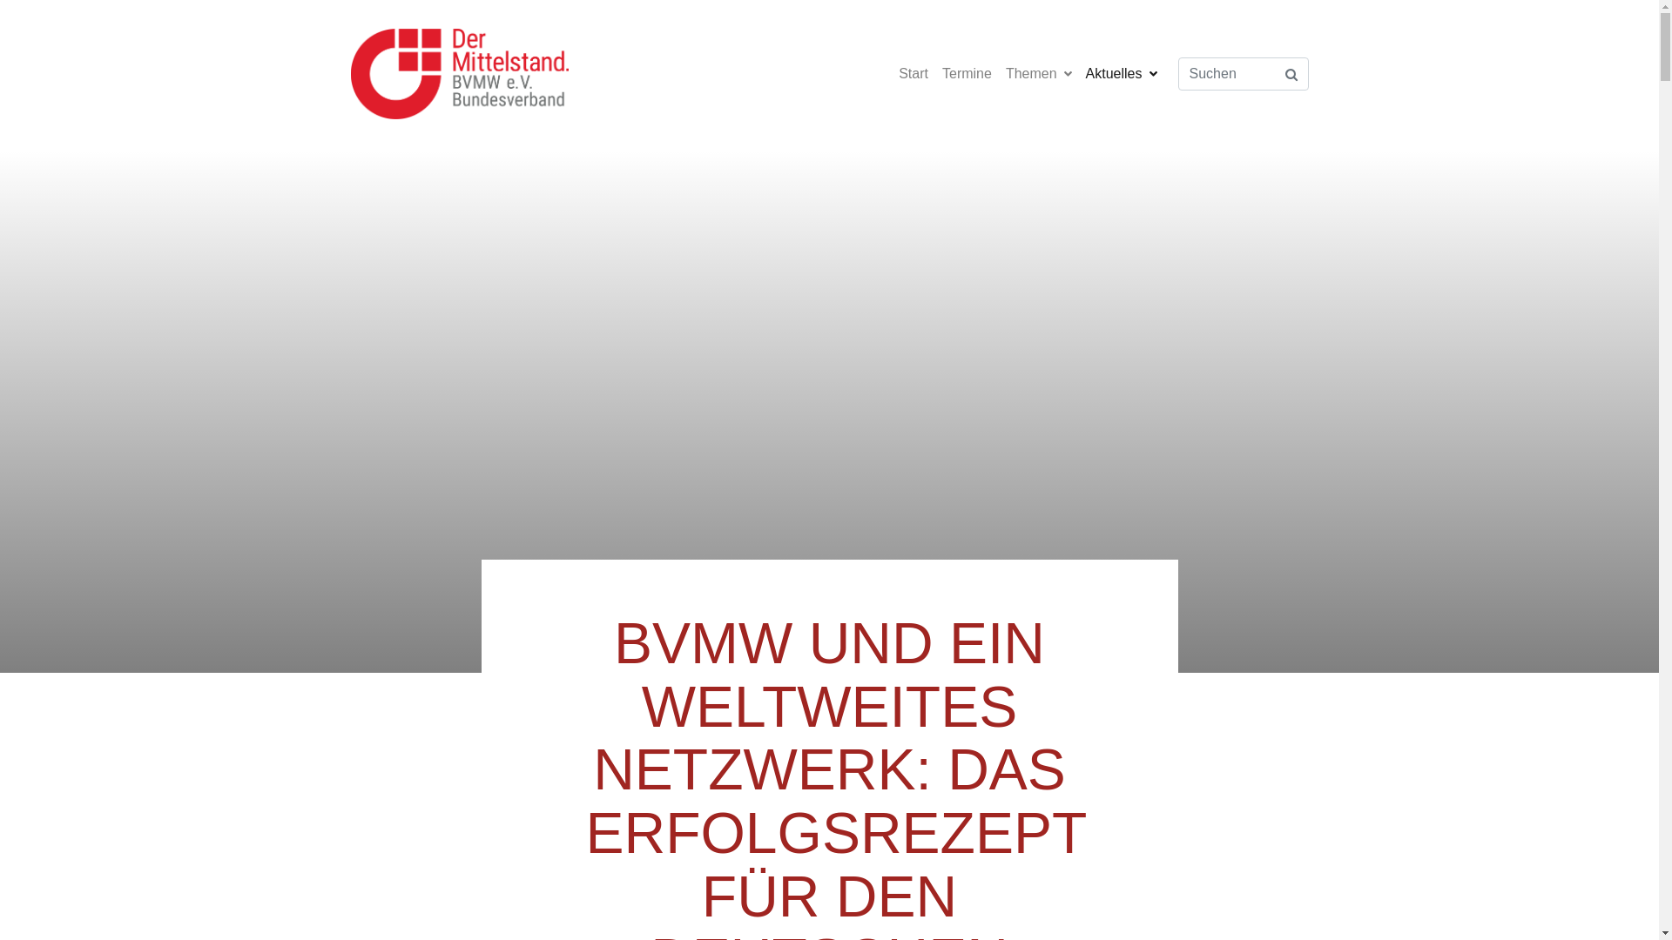 The height and width of the screenshot is (940, 1672). I want to click on 'Aktuelles', so click(1121, 72).